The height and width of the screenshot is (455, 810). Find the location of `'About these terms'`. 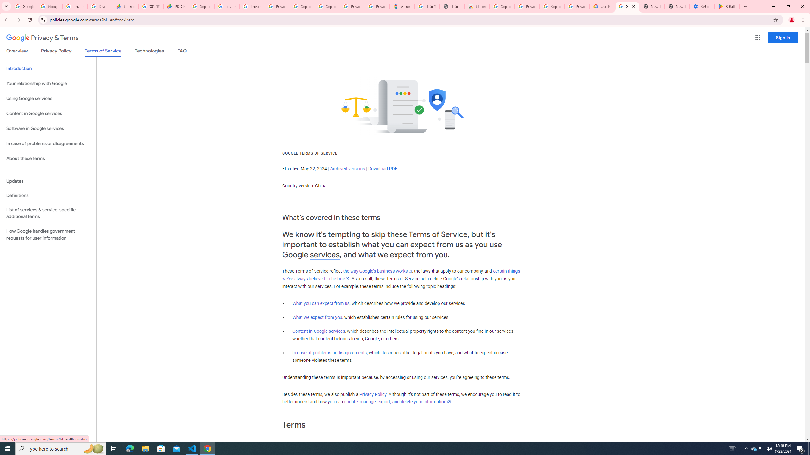

'About these terms' is located at coordinates (48, 158).